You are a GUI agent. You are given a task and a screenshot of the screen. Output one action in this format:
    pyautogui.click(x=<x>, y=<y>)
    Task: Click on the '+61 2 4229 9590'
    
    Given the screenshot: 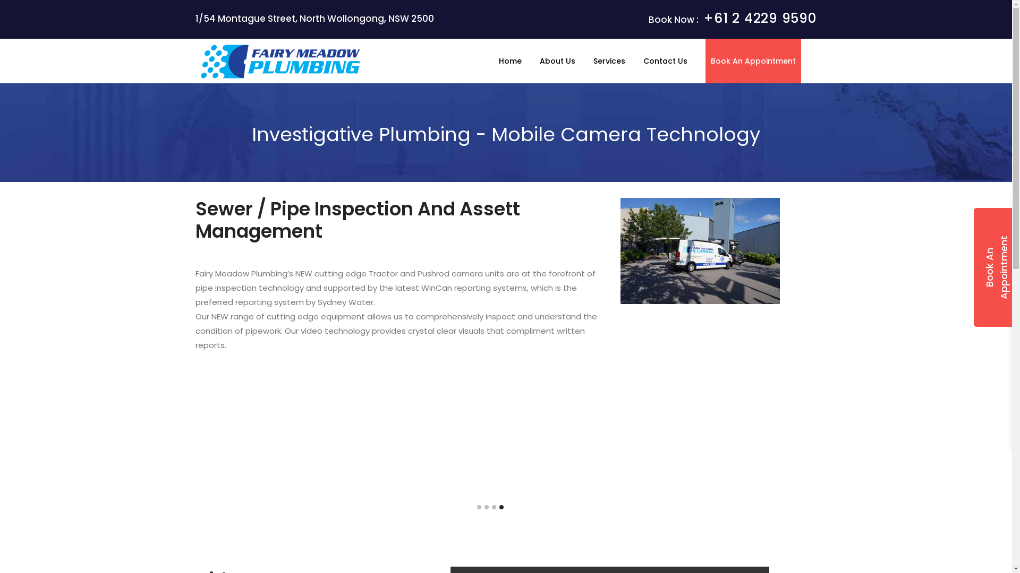 What is the action you would take?
    pyautogui.click(x=703, y=18)
    